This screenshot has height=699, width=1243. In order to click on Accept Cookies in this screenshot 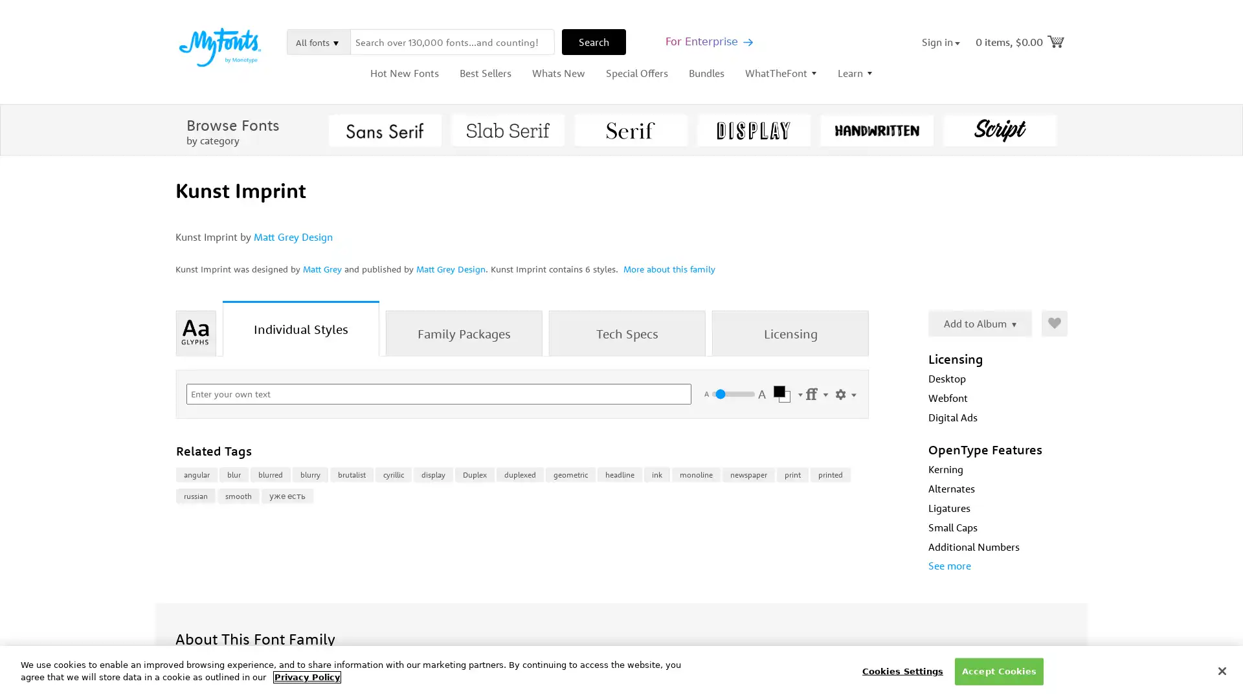, I will do `click(998, 671)`.